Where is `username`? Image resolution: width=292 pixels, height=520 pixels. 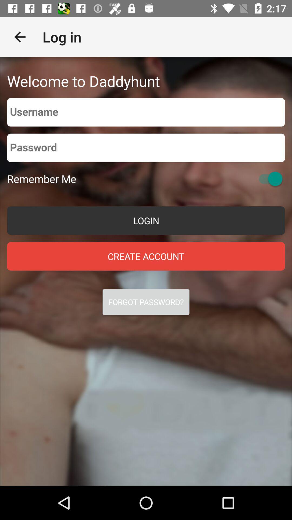 username is located at coordinates (146, 112).